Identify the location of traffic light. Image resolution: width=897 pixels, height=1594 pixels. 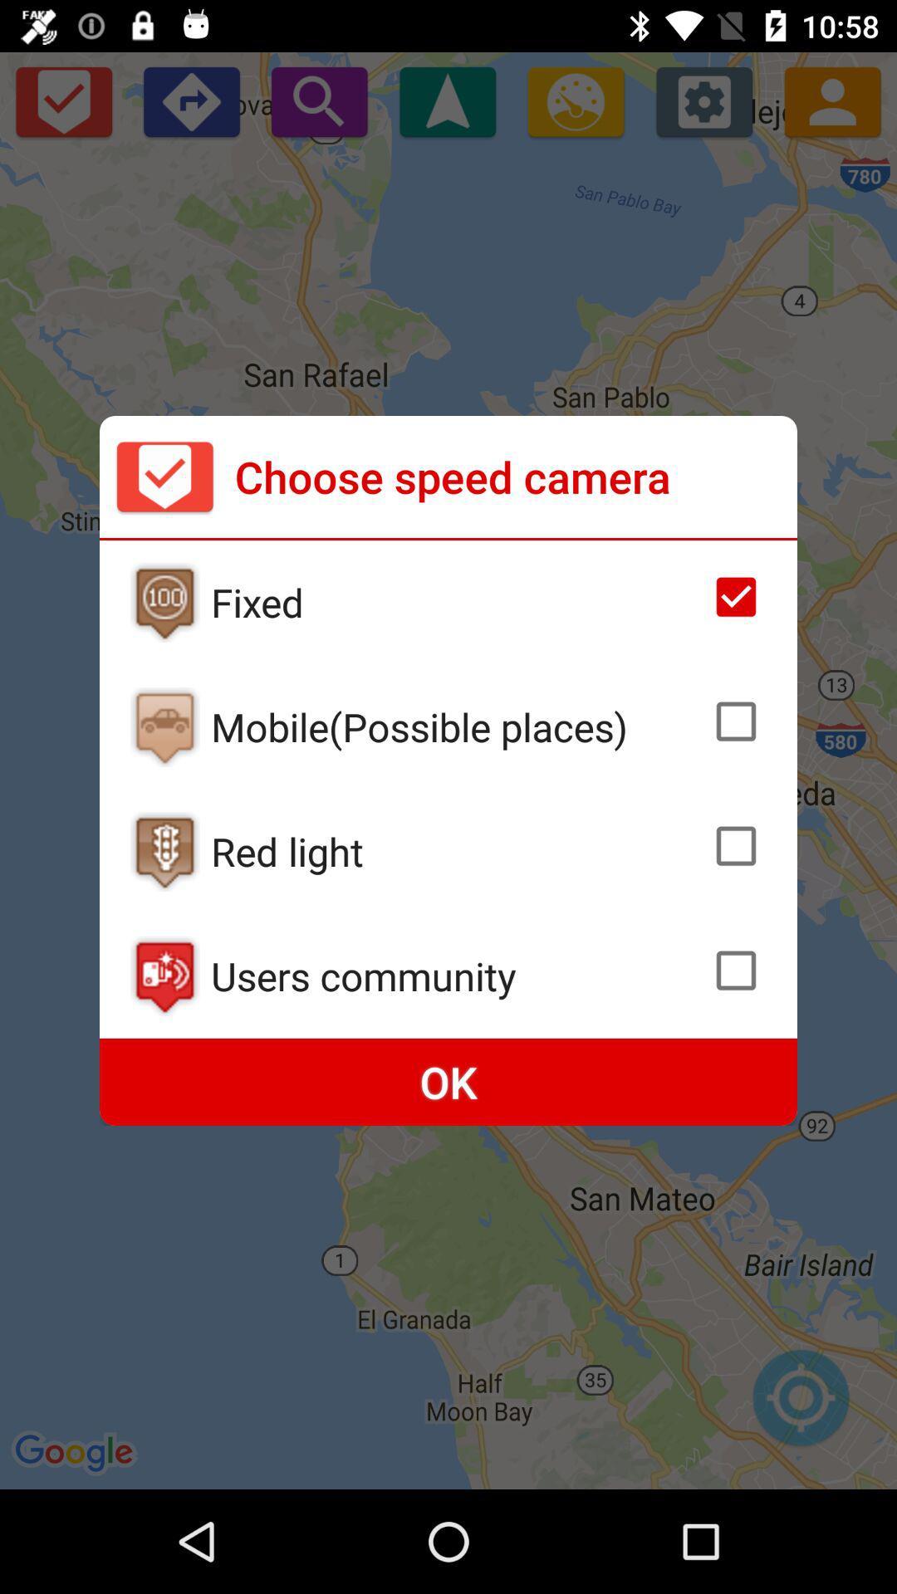
(164, 852).